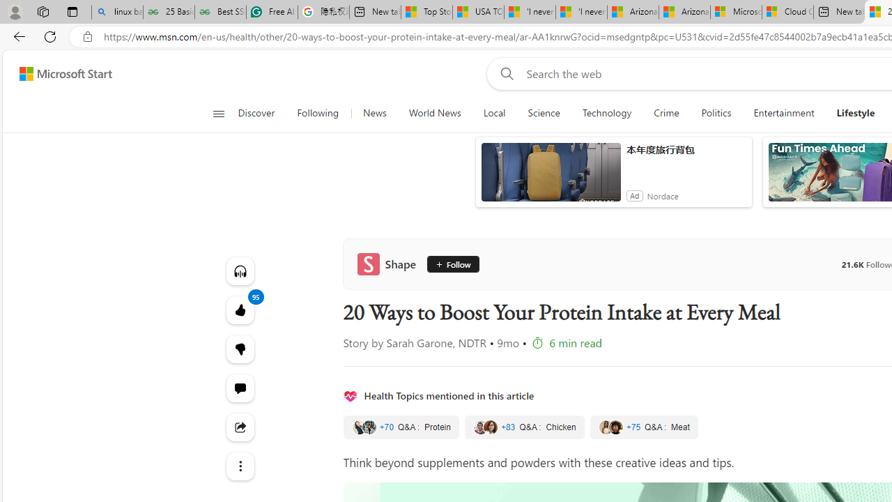  I want to click on '95 Like', so click(240, 309).